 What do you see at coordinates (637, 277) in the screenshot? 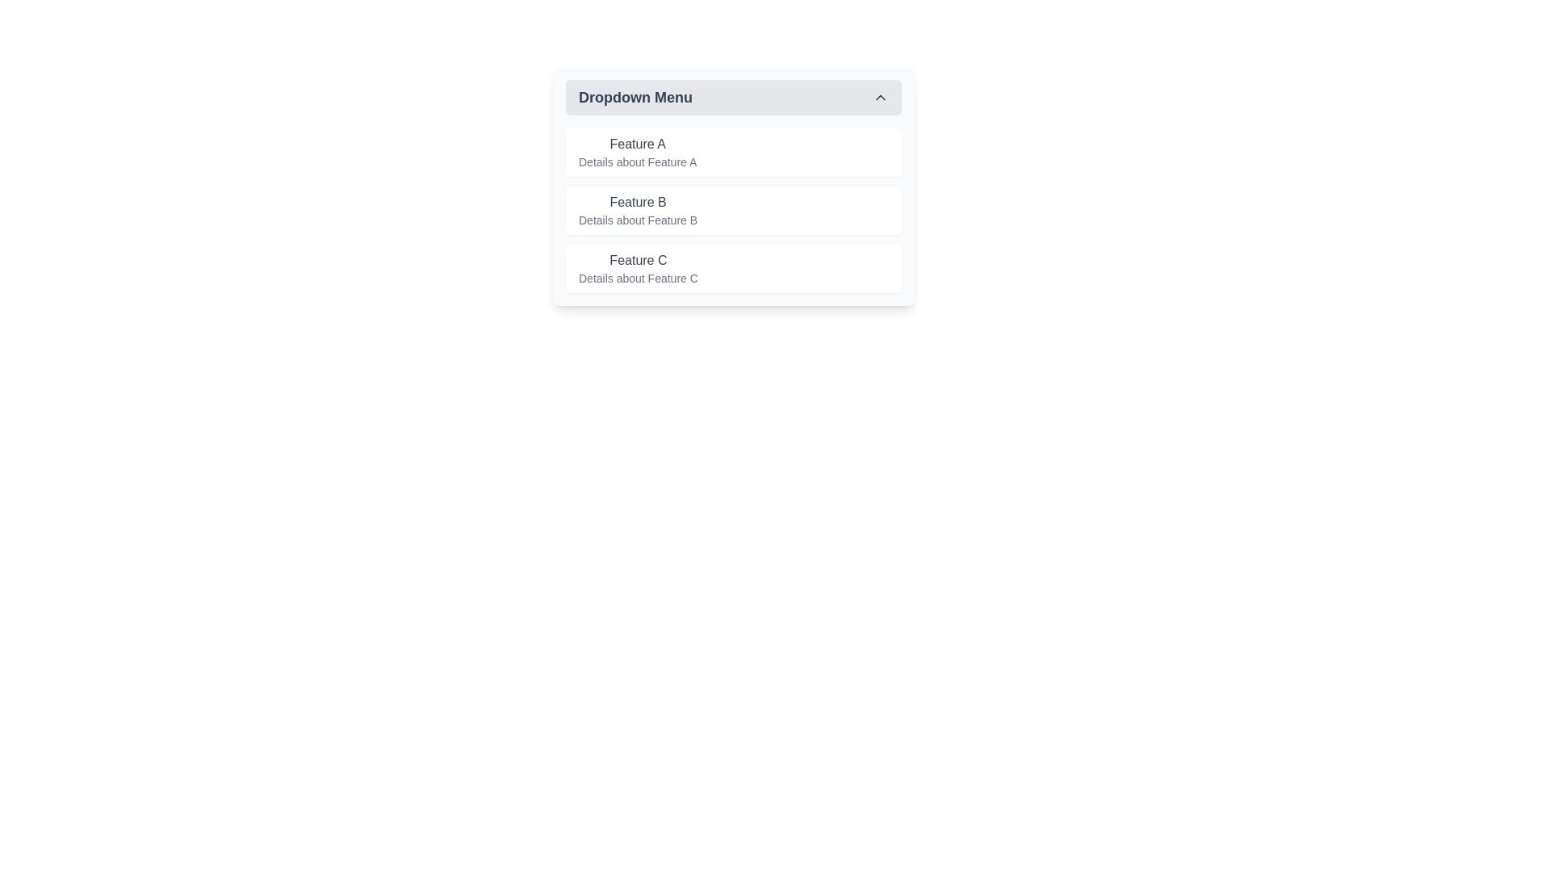
I see `the informational Text label located beneath 'Feature C' in the dropdown menu` at bounding box center [637, 277].